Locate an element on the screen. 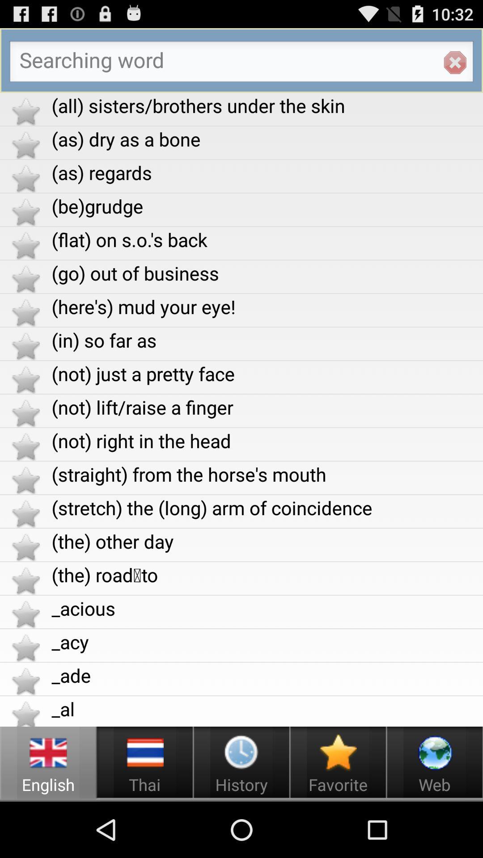 The image size is (483, 858). the item above the stretch the long is located at coordinates (267, 474).